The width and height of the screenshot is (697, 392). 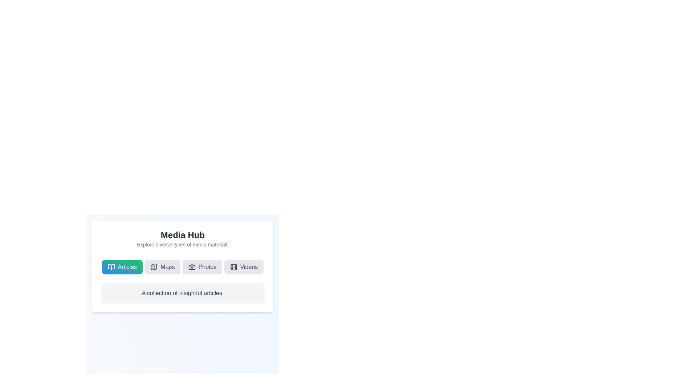 I want to click on text label that describes the button's purpose for navigating to articles, located inside the button to the right of the book icon in the Media Hub interface, so click(x=127, y=267).